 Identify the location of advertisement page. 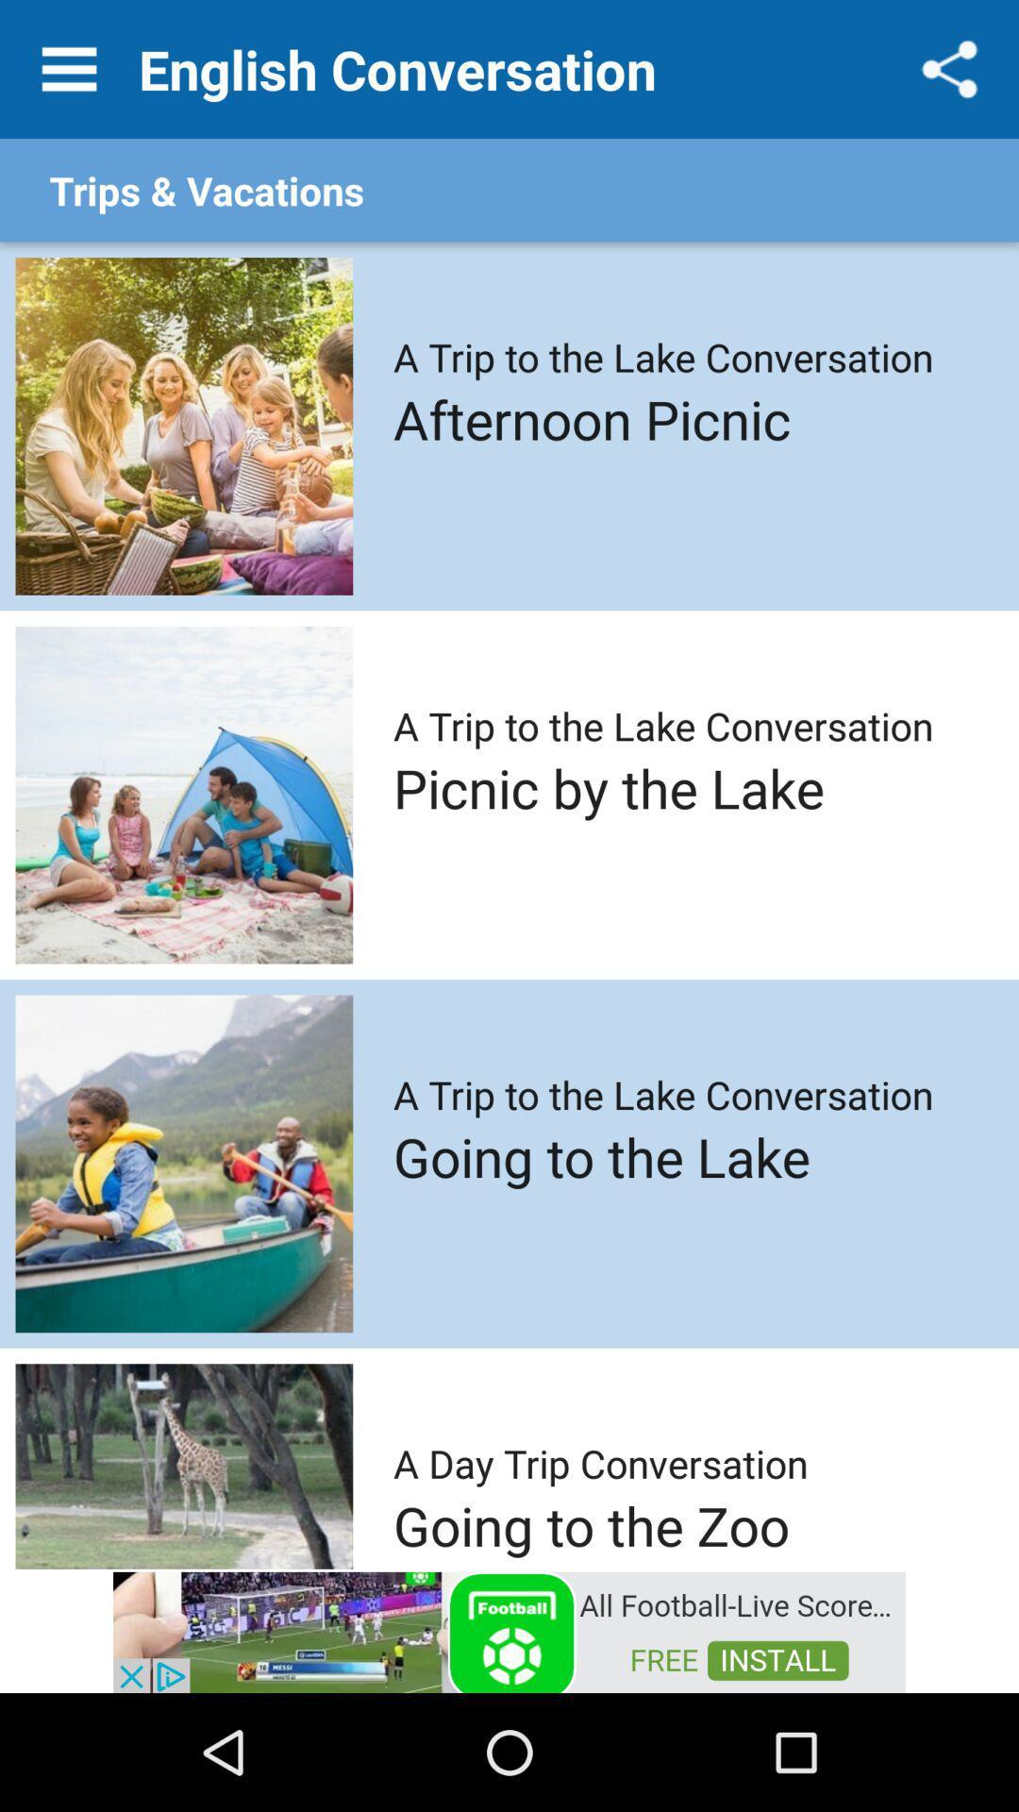
(509, 1630).